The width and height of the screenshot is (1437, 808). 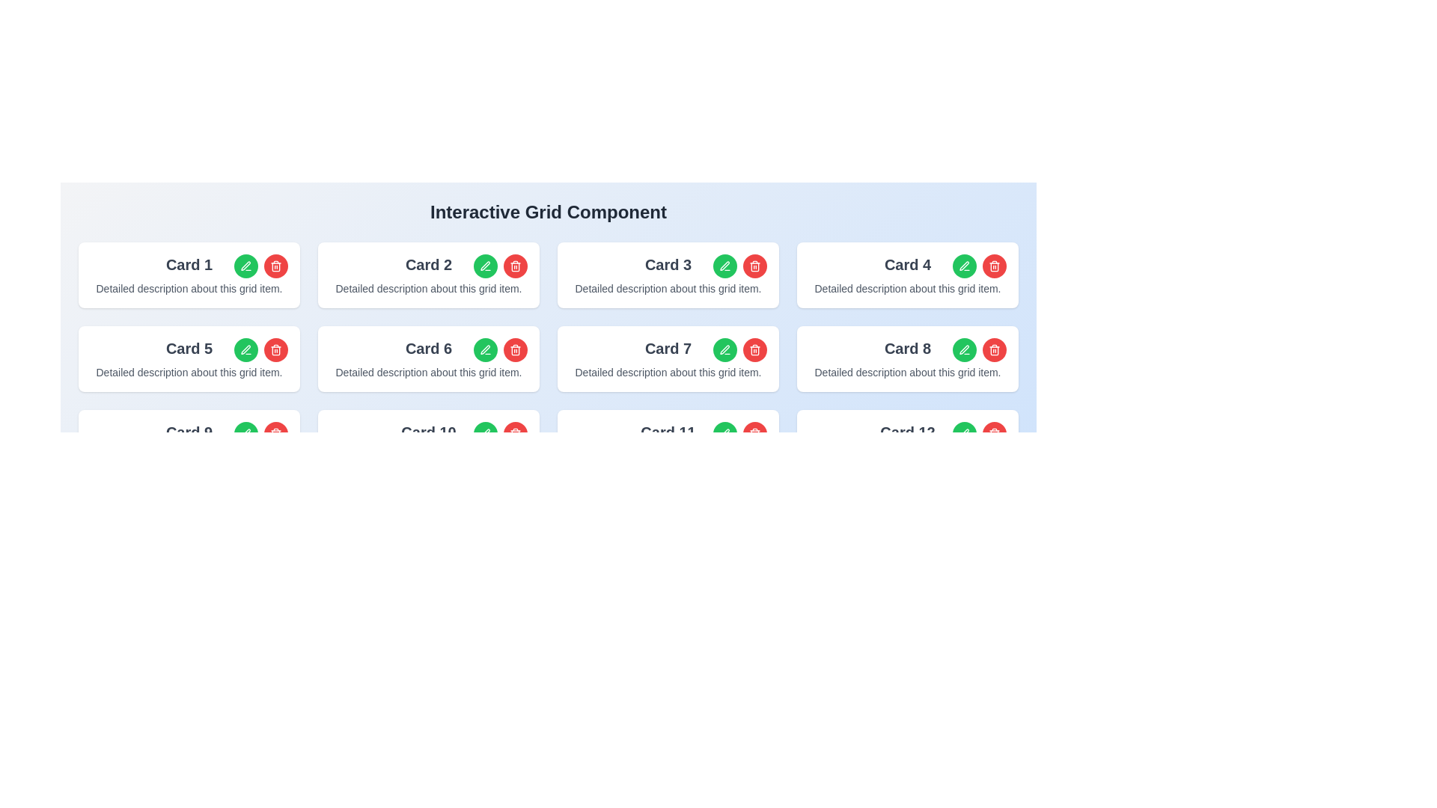 I want to click on the circular red button with a white trash icon located at the top-right corner of 'Card 9', so click(x=276, y=433).